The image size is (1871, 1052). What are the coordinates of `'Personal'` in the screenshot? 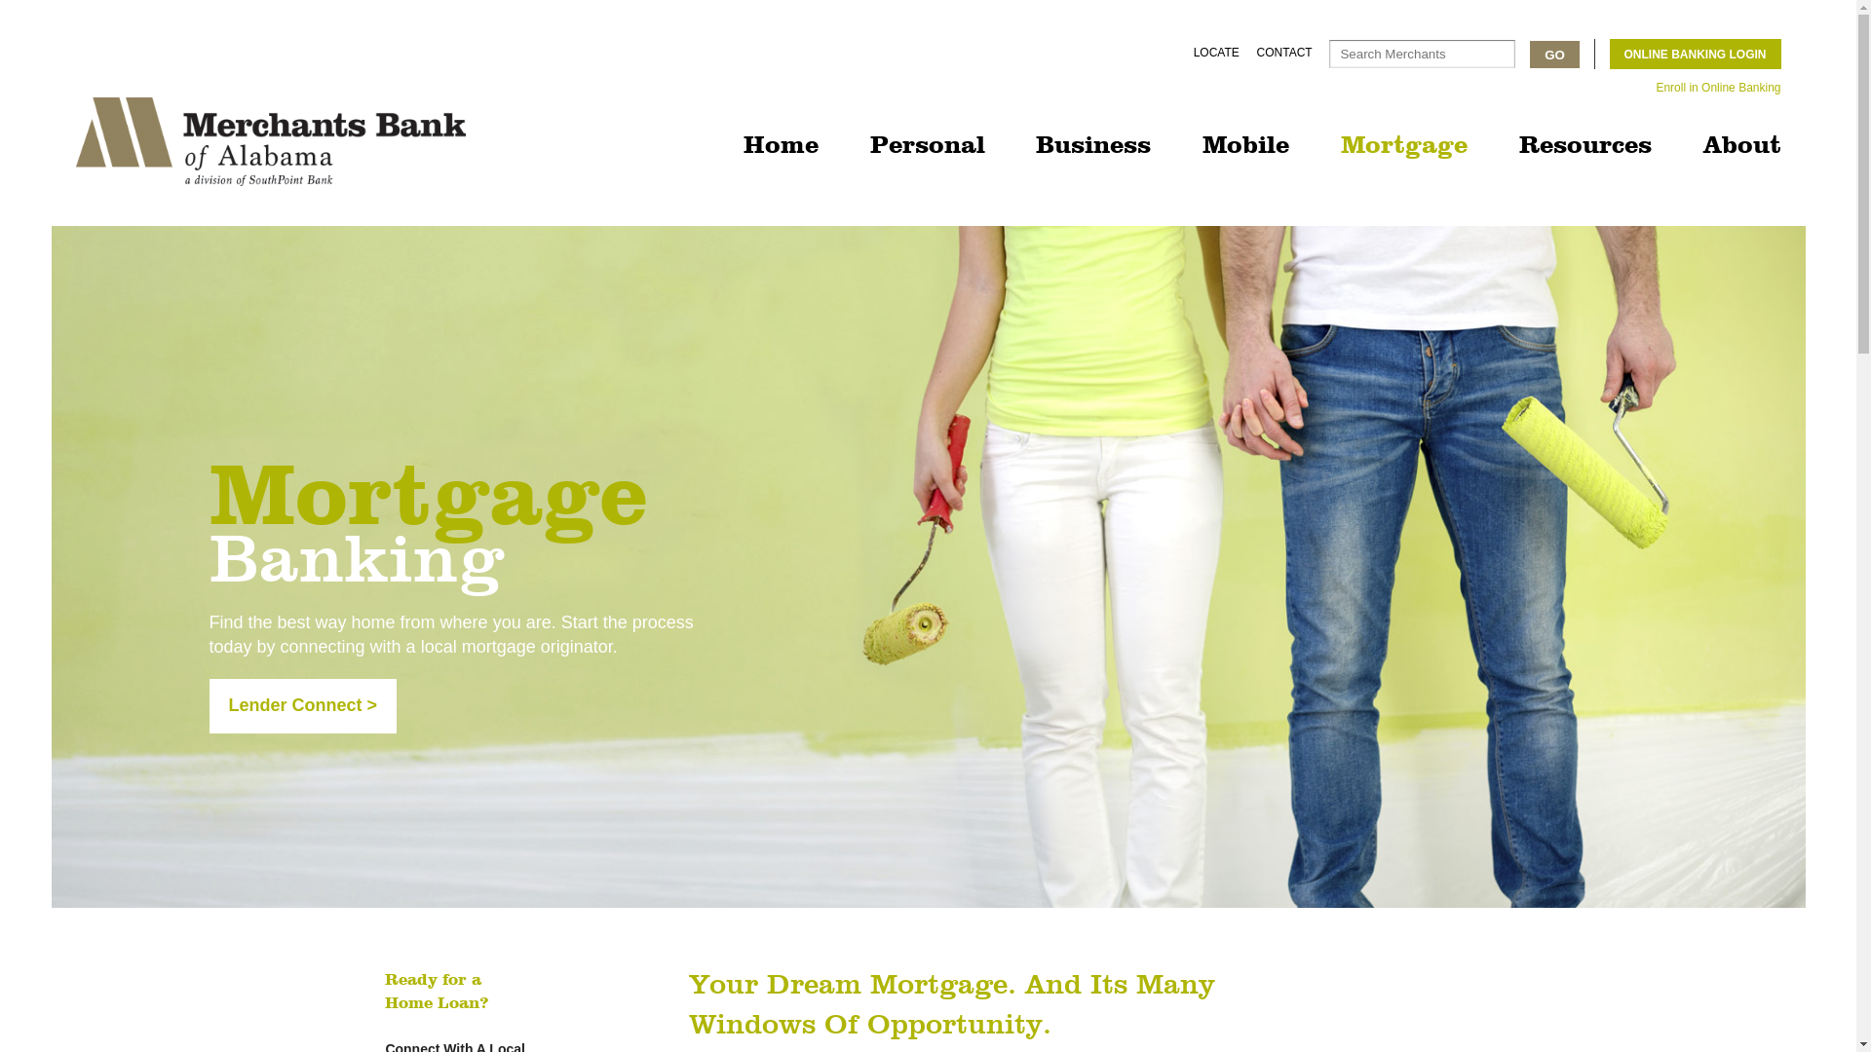 It's located at (926, 145).